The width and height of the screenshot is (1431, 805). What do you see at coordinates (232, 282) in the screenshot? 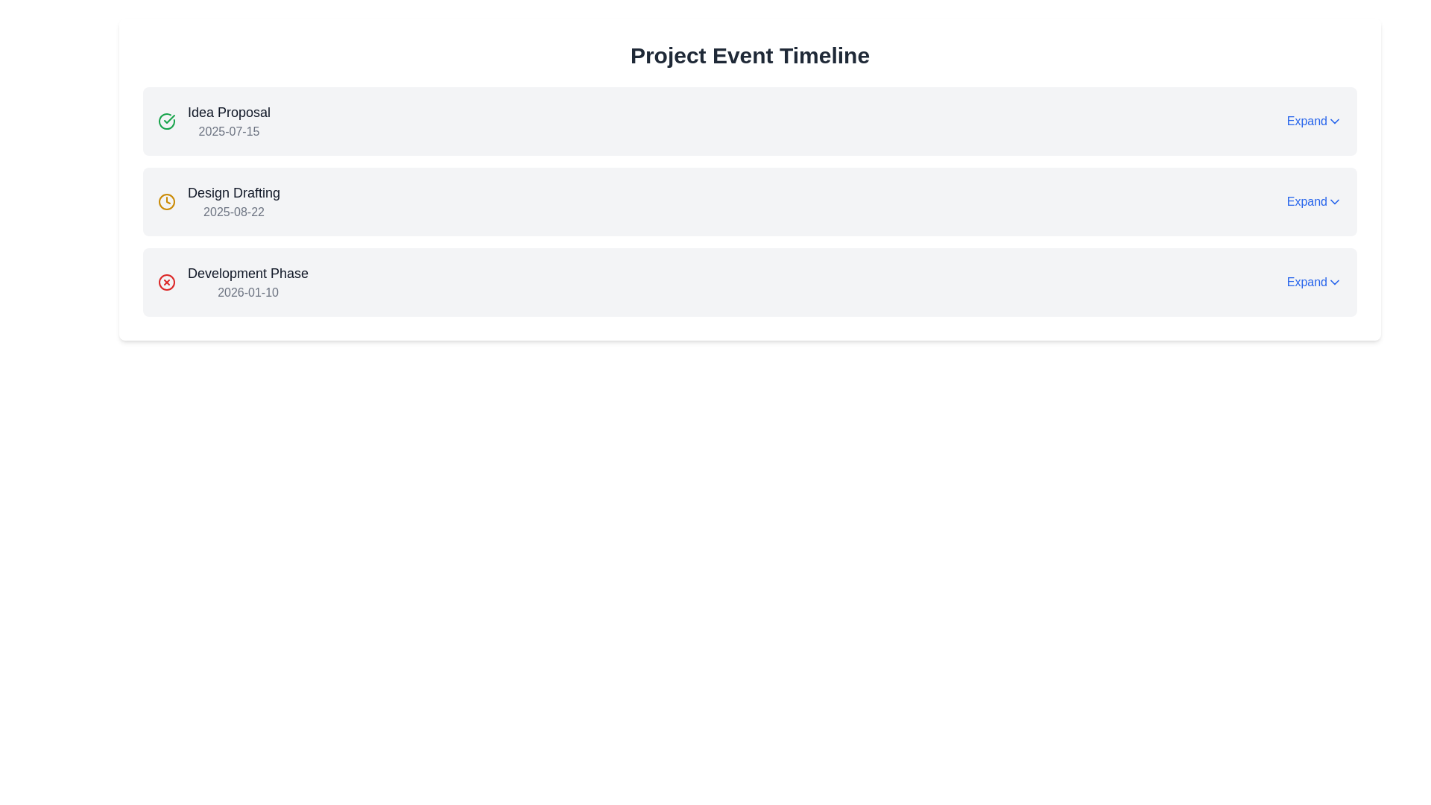
I see `the text of the third list item representing a specific stage in the project timeline` at bounding box center [232, 282].